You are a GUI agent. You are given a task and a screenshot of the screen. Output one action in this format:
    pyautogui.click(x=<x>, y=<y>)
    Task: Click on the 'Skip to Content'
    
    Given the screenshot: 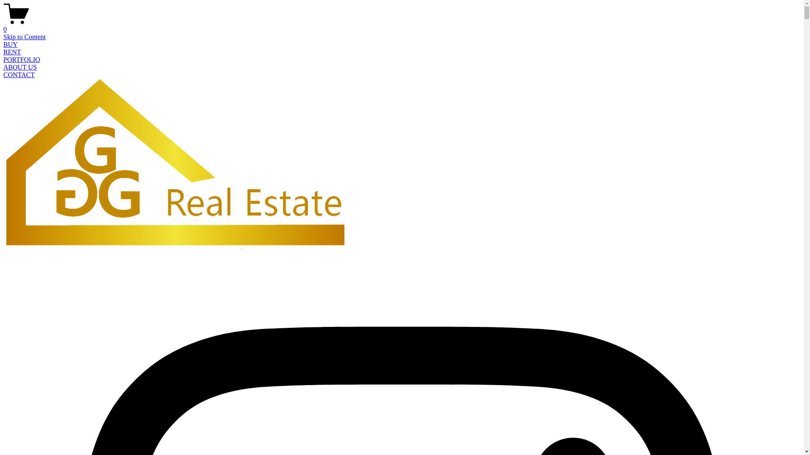 What is the action you would take?
    pyautogui.click(x=24, y=36)
    